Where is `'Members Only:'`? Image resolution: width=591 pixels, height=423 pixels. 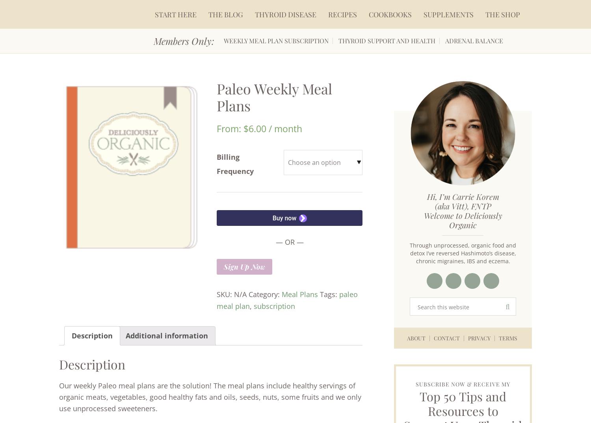 'Members Only:' is located at coordinates (183, 40).